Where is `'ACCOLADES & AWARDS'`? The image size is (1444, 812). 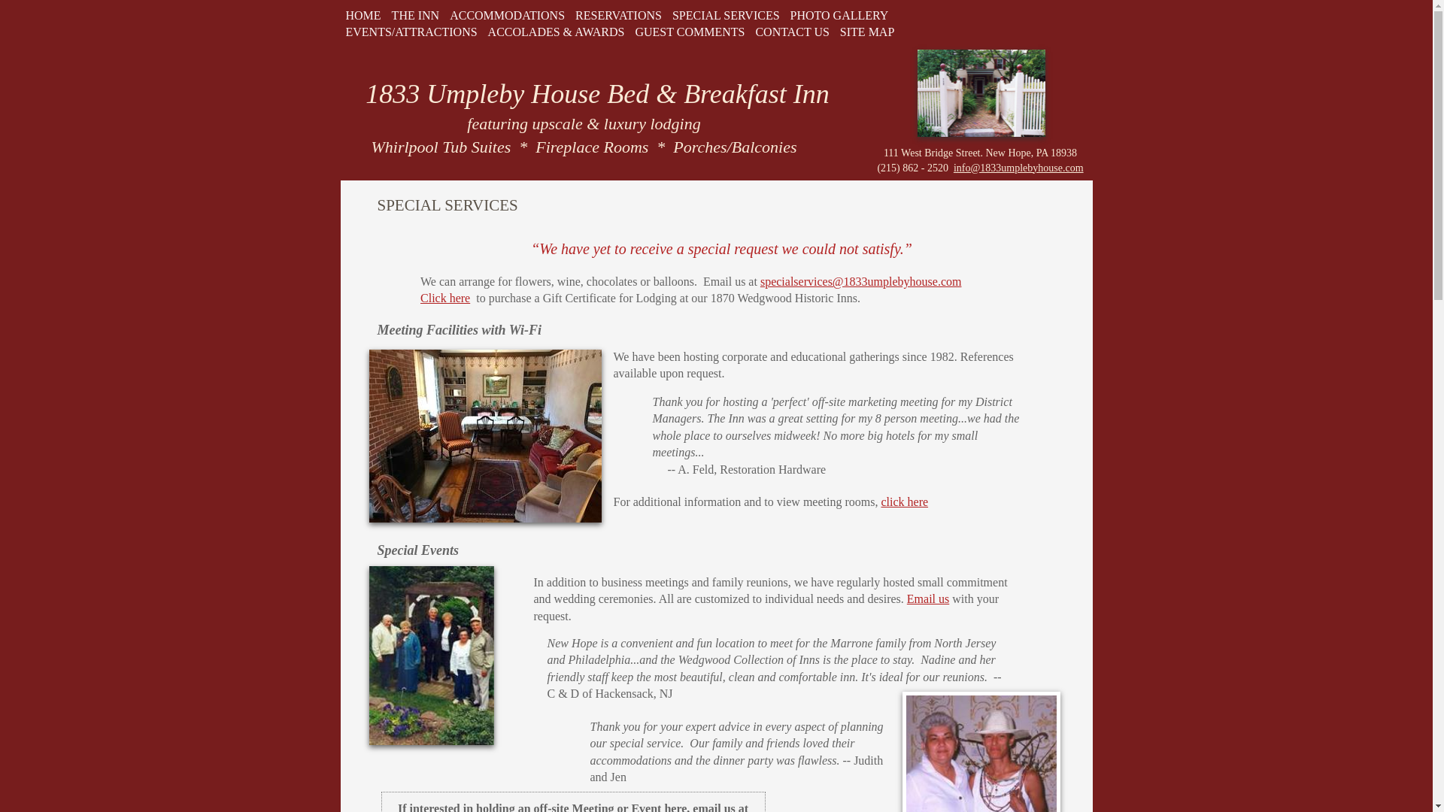 'ACCOLADES & AWARDS' is located at coordinates (555, 32).